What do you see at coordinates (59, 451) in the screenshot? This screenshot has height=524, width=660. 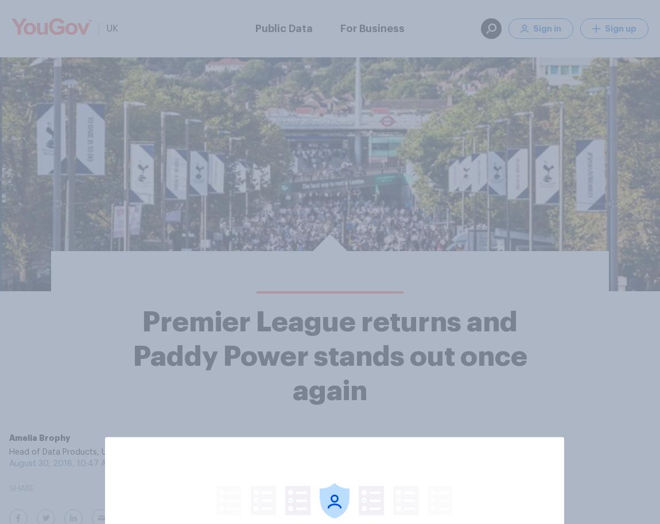 I see `'Head of Data Products, UK'` at bounding box center [59, 451].